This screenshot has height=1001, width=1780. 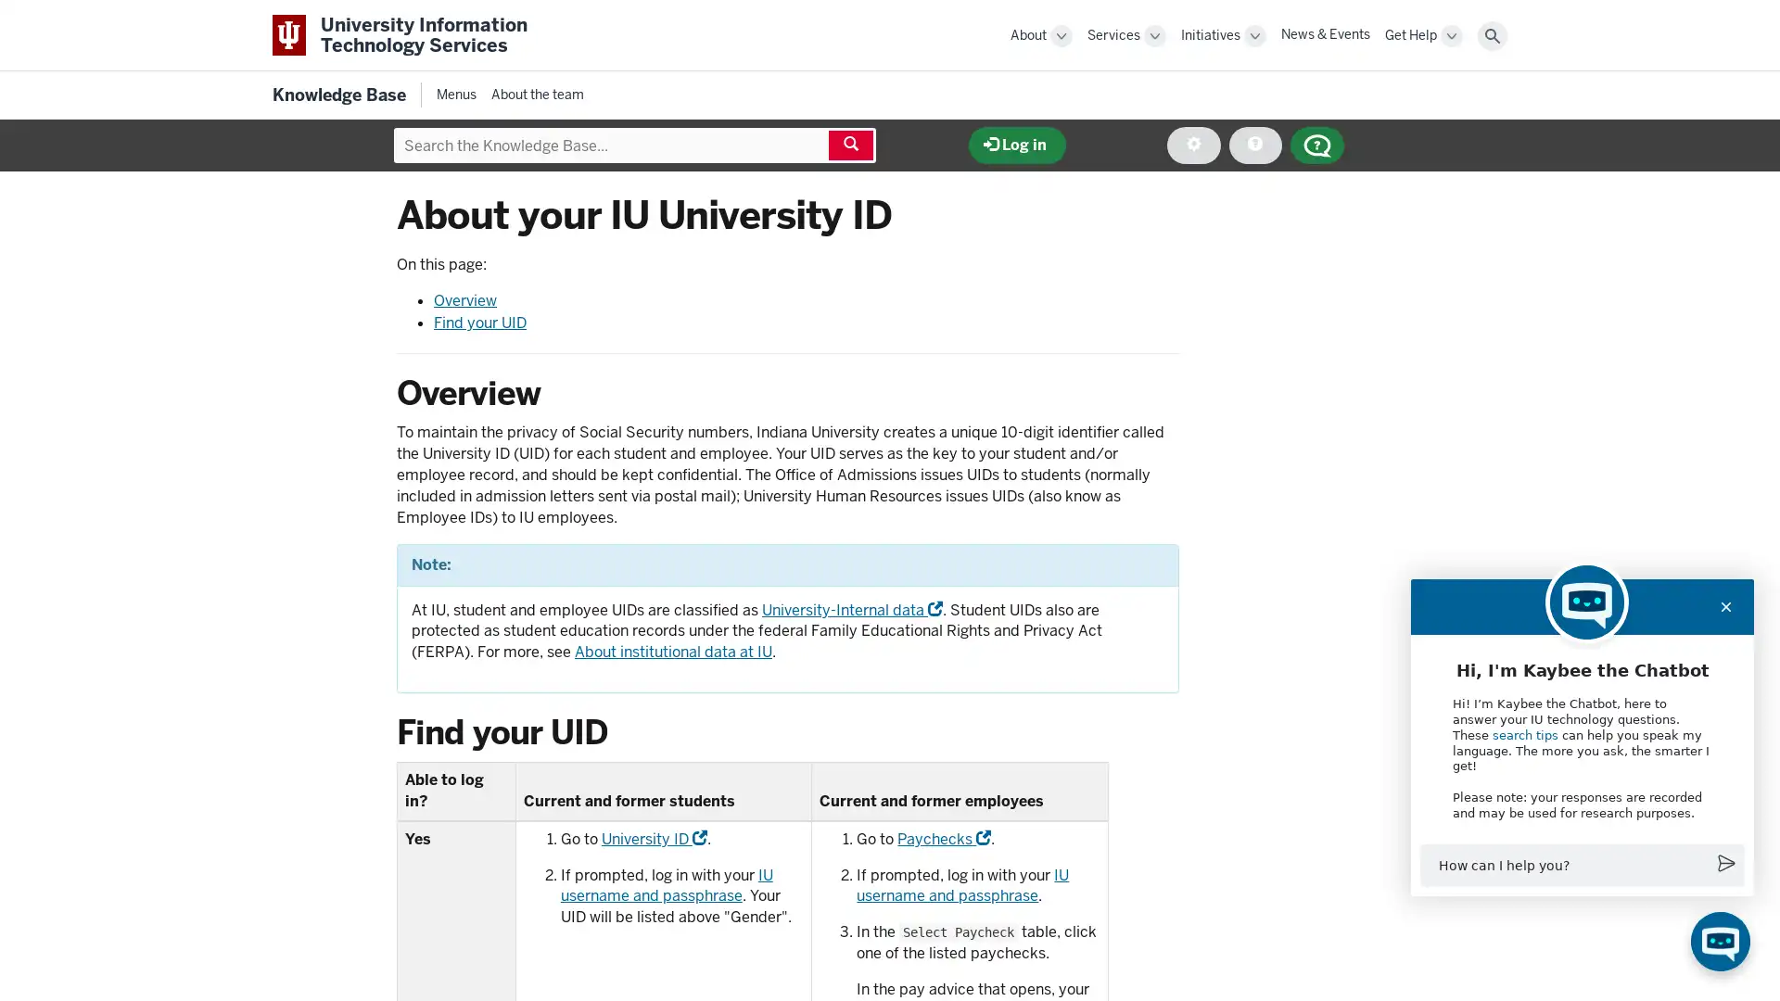 I want to click on Options, so click(x=1193, y=145).